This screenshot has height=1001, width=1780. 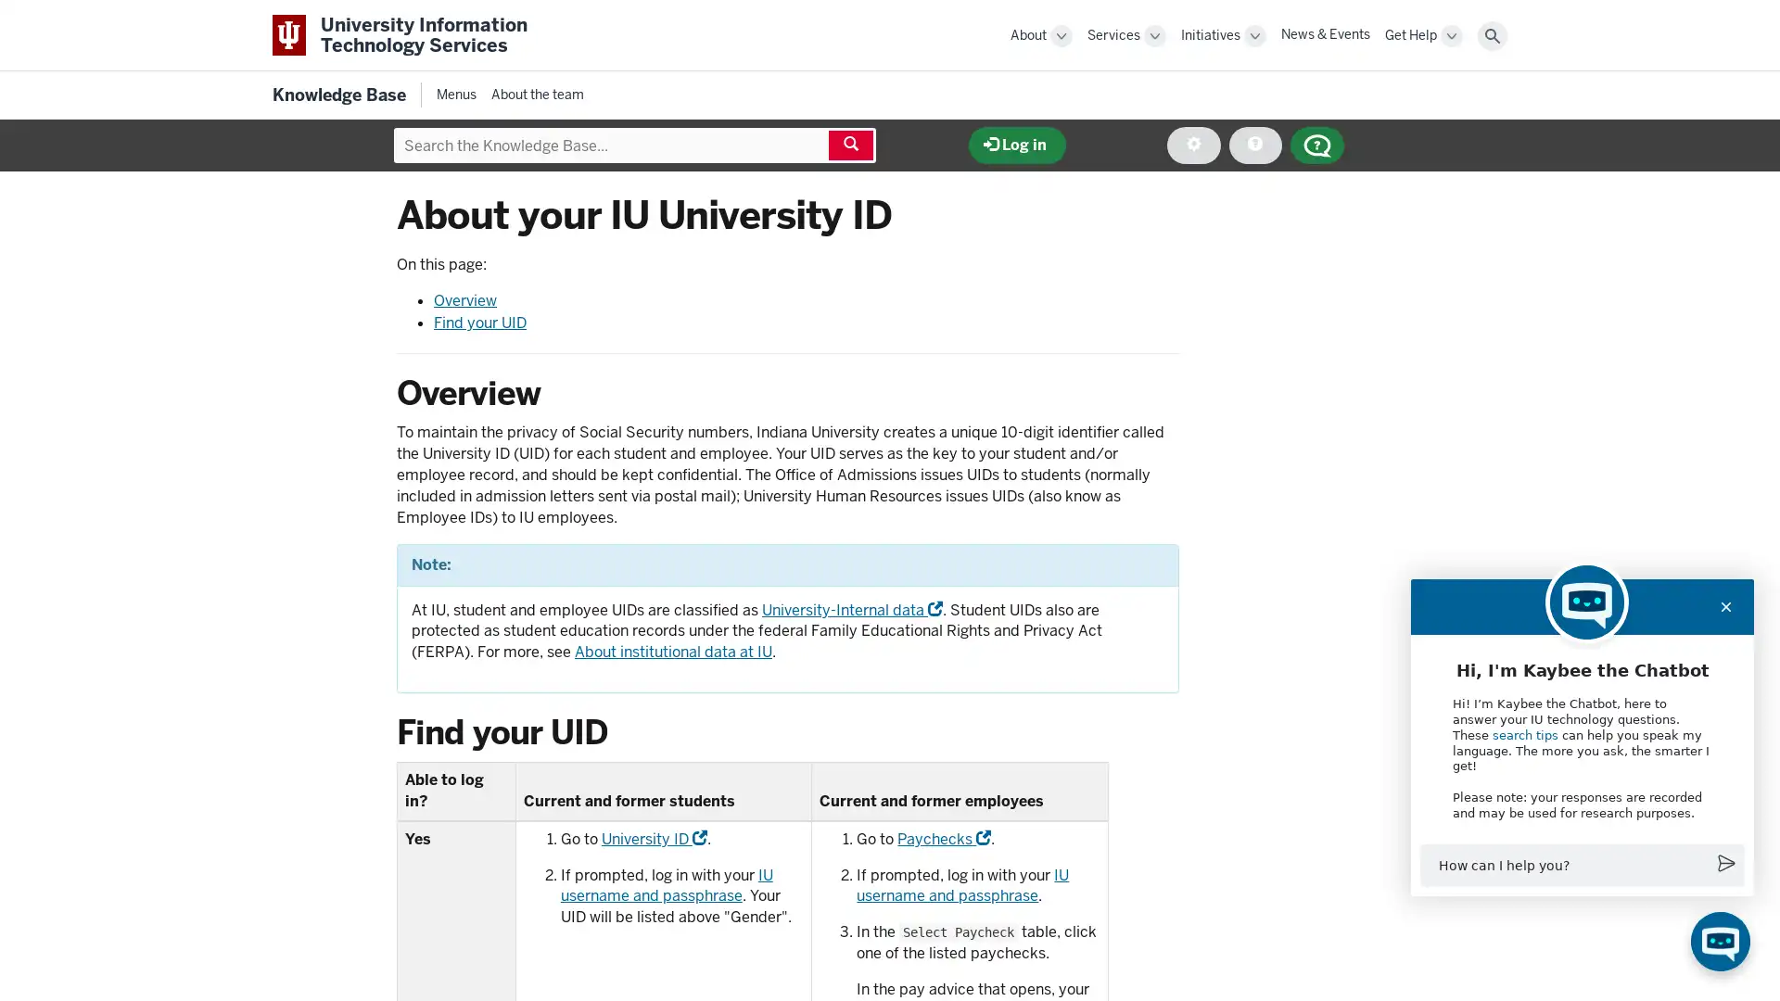 I want to click on Options, so click(x=1193, y=145).